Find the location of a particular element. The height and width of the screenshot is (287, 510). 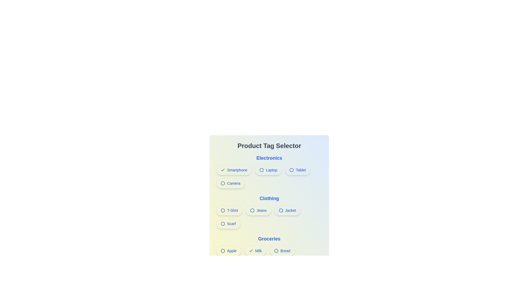

the 'Bread' button, which is a rounded button with a light blue border and blue text, located in the 'Groceries' section of the 'Product Tag Selector' interface is located at coordinates (282, 251).